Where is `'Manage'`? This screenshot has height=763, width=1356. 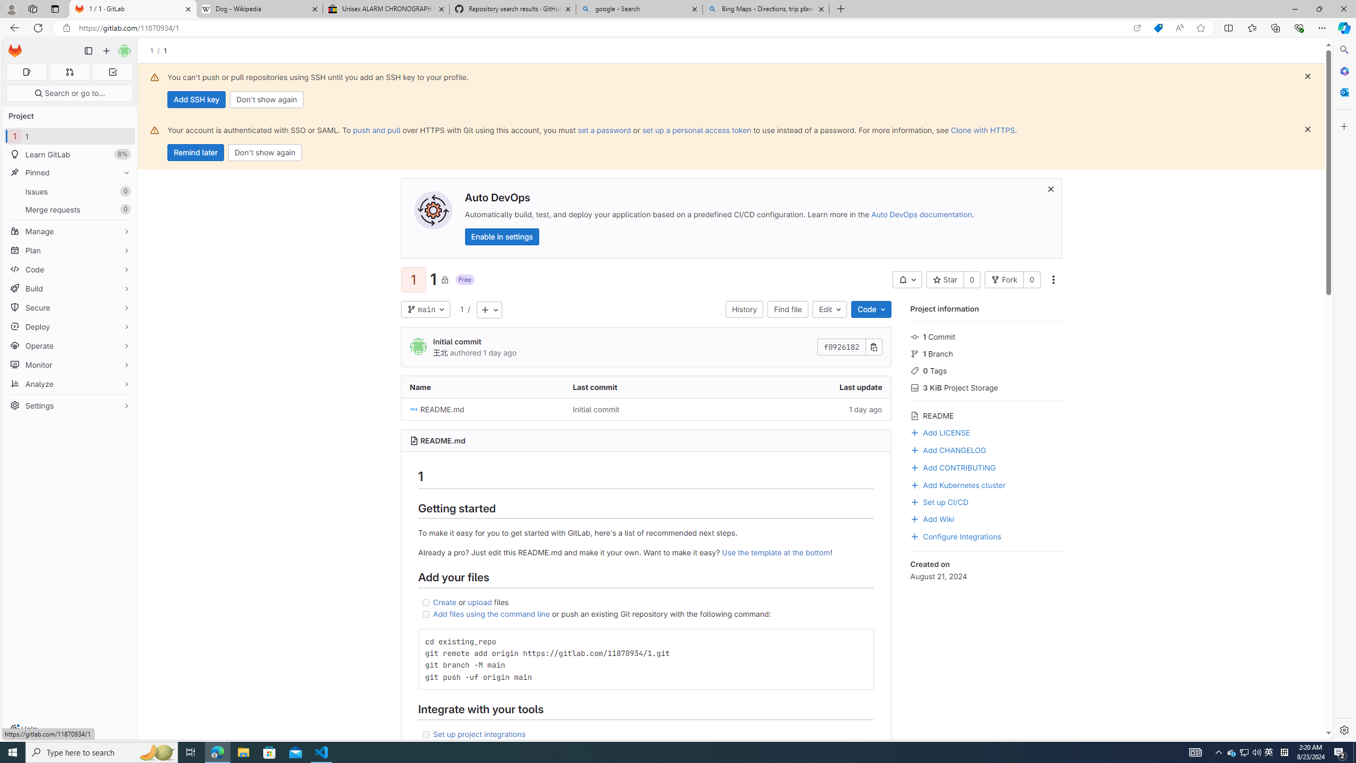 'Manage' is located at coordinates (69, 231).